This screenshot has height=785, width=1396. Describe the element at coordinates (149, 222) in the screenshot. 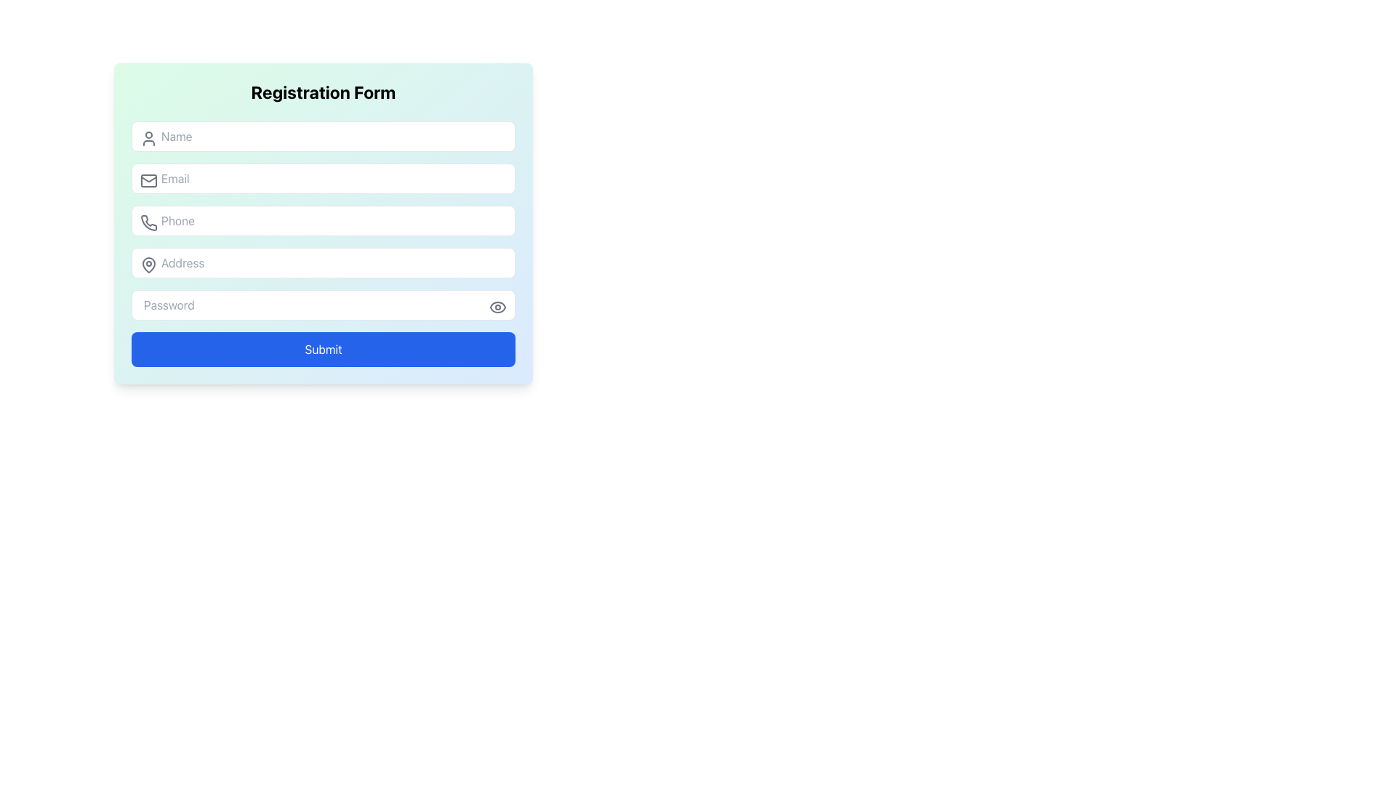

I see `the phone number input field icon, which is positioned to the left side of the field adjacent to the text indicating 'Phone.'` at that location.